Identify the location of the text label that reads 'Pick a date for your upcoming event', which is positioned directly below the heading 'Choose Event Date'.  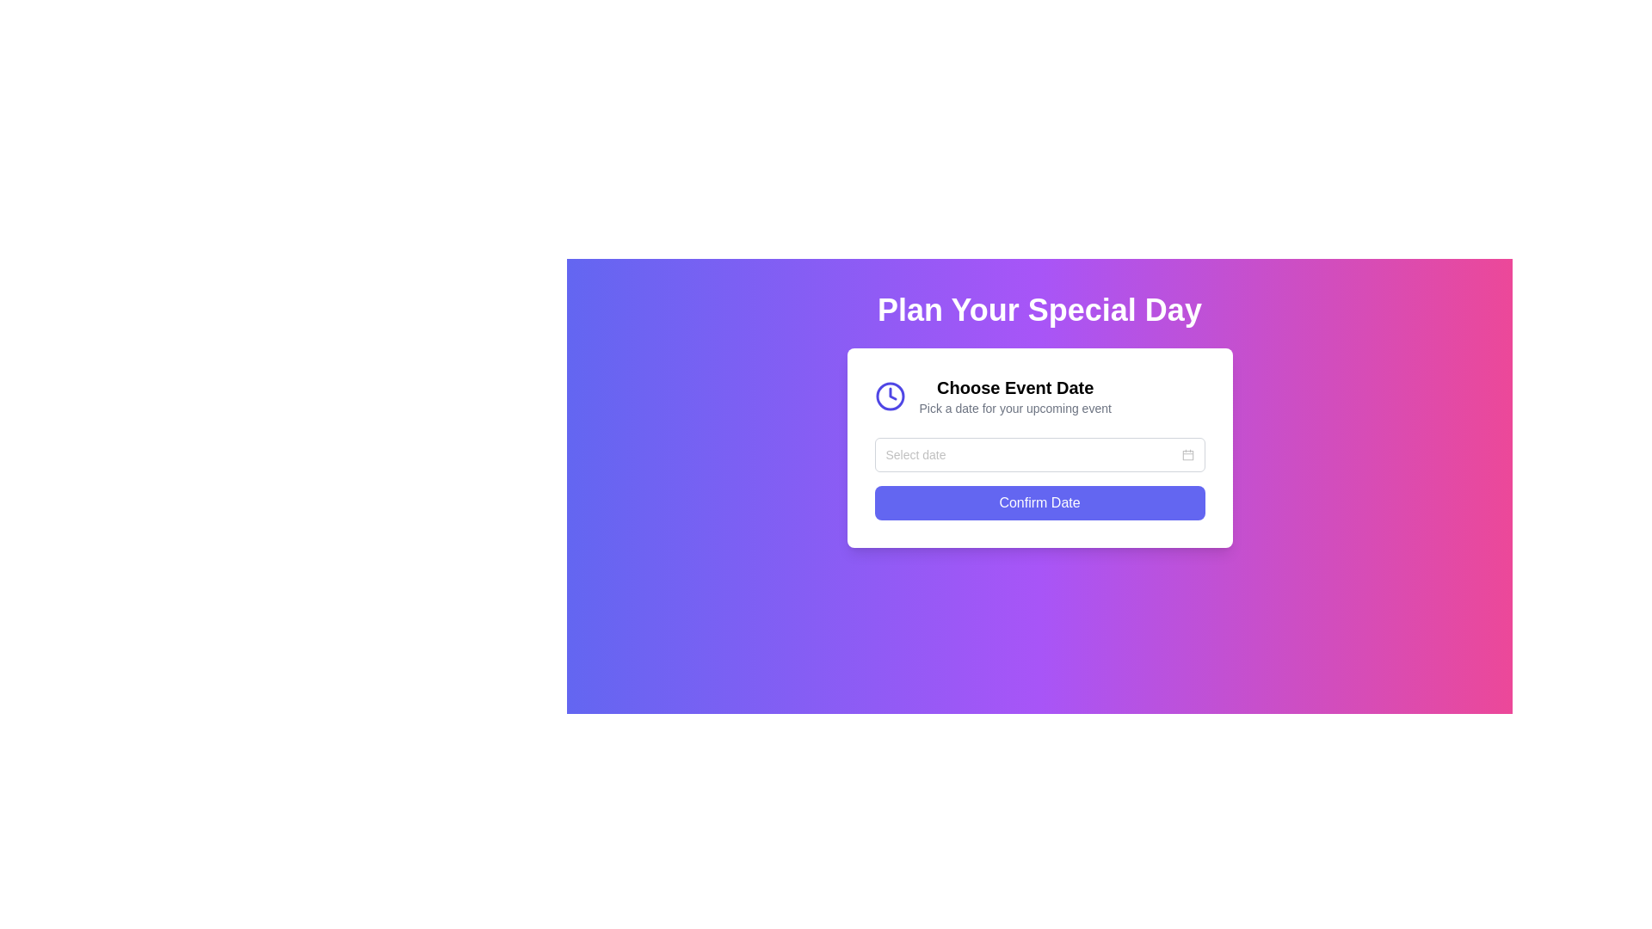
(1015, 408).